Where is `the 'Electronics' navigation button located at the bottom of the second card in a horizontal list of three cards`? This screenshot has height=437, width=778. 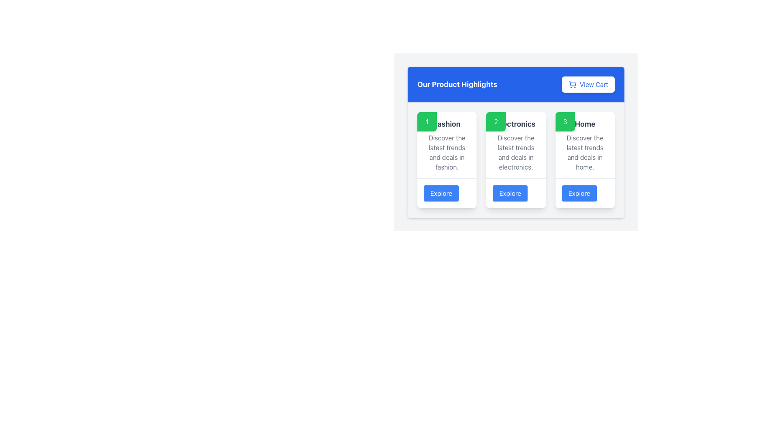 the 'Electronics' navigation button located at the bottom of the second card in a horizontal list of three cards is located at coordinates (515, 193).